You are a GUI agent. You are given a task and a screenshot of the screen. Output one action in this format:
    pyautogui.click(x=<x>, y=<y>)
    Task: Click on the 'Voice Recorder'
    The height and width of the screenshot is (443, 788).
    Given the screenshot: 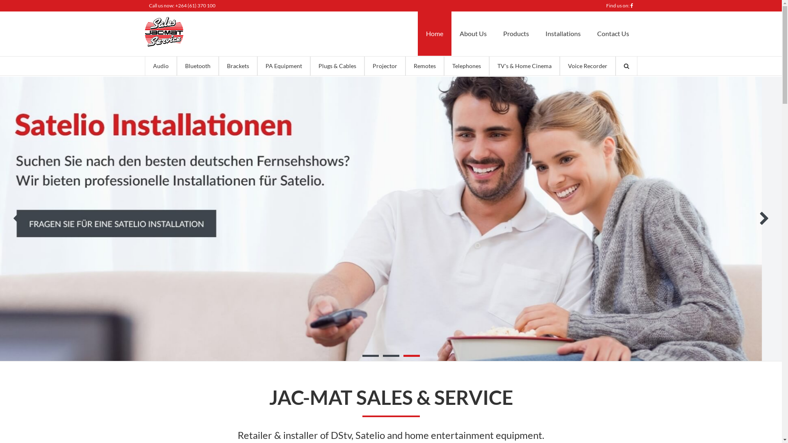 What is the action you would take?
    pyautogui.click(x=587, y=66)
    